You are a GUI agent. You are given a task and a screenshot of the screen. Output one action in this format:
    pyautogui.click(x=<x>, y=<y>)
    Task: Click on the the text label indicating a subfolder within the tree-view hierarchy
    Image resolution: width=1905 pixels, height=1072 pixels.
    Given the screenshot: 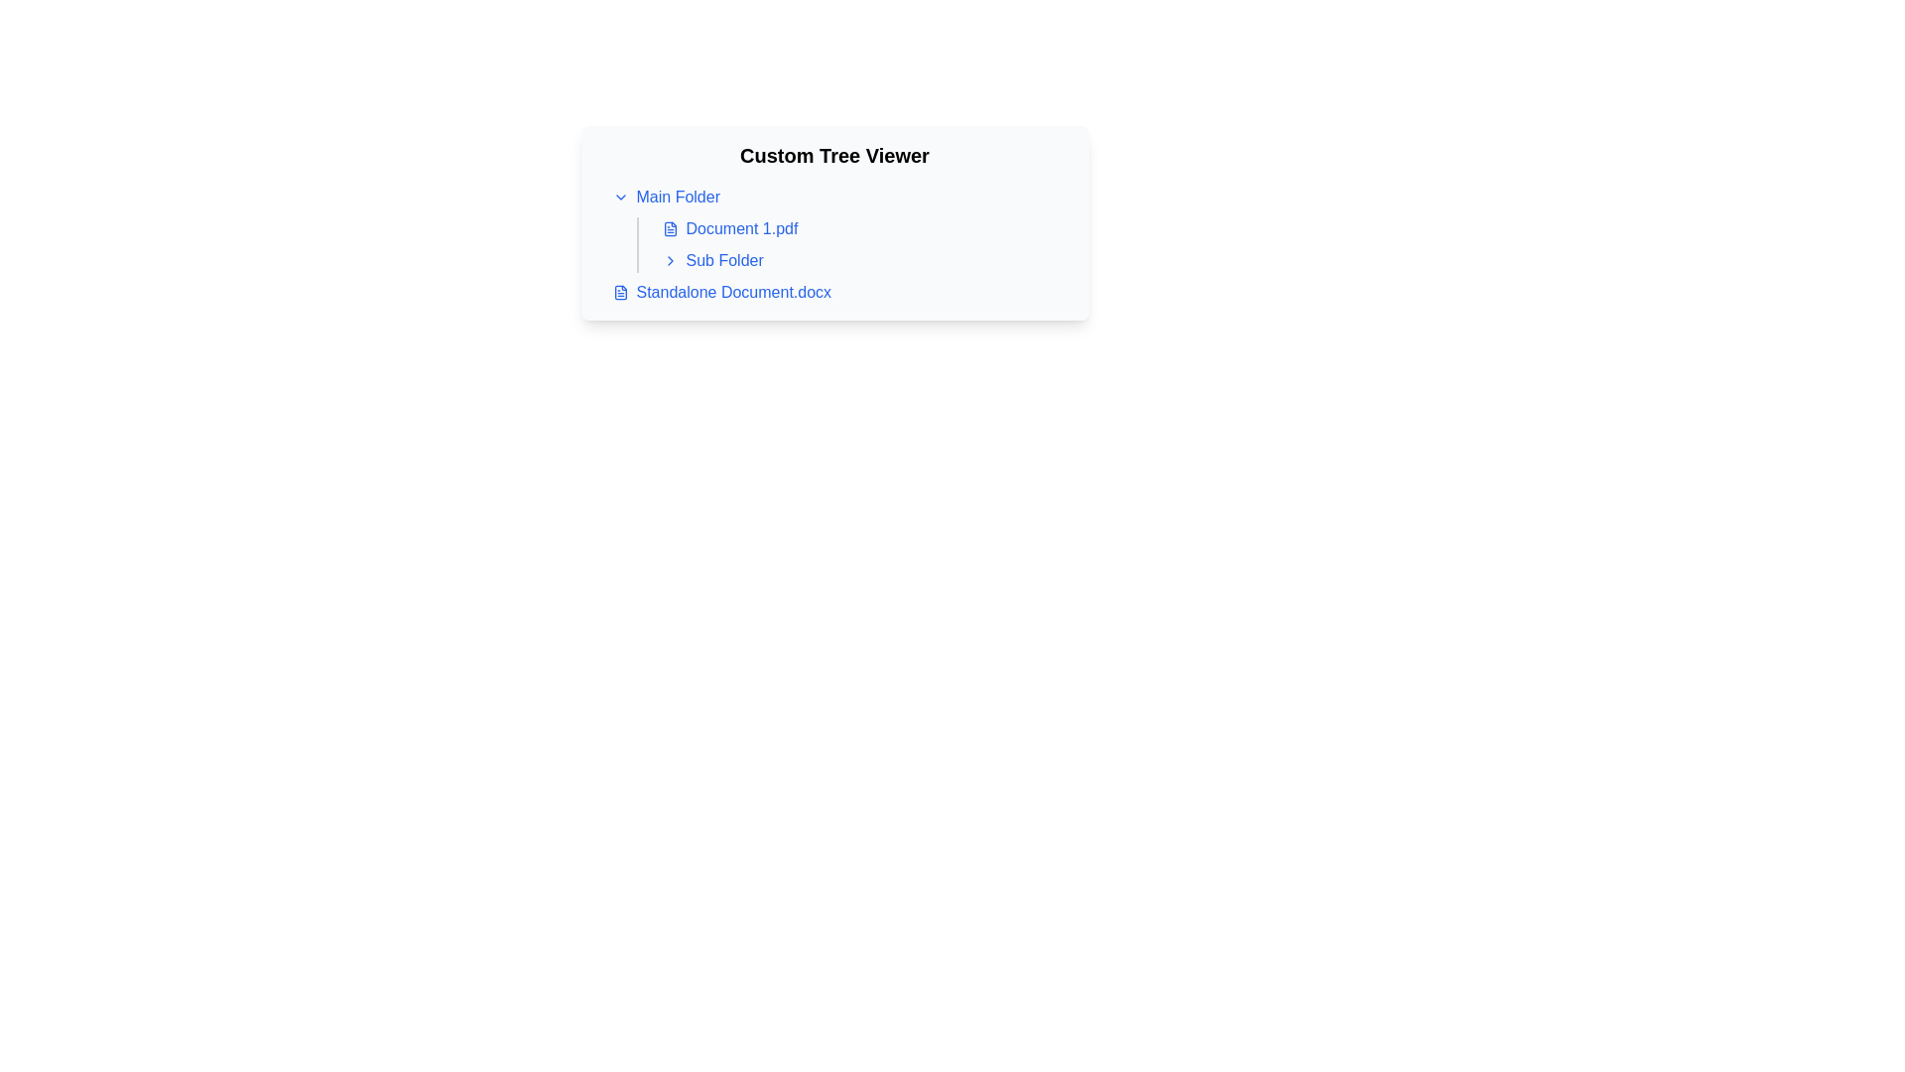 What is the action you would take?
    pyautogui.click(x=723, y=259)
    